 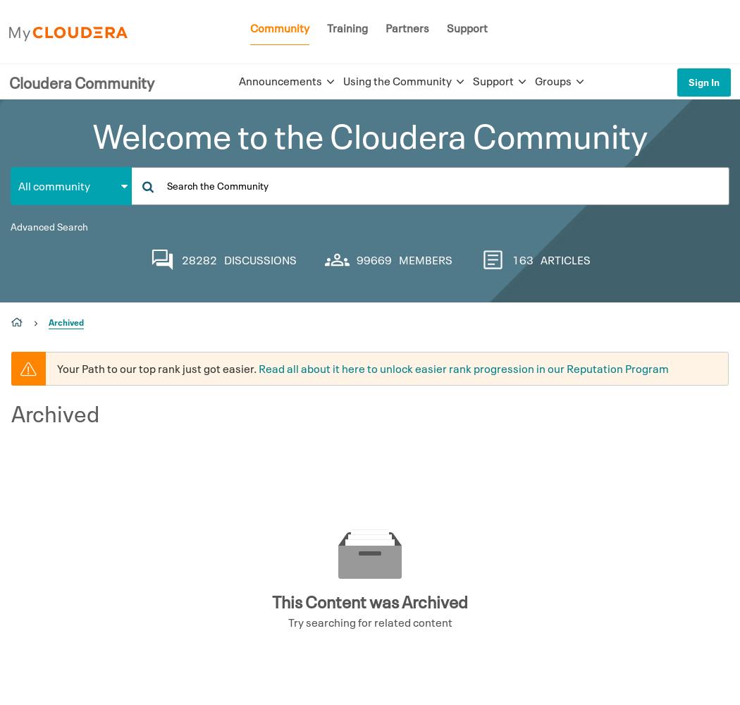 What do you see at coordinates (564, 259) in the screenshot?
I see `'ARTICLES'` at bounding box center [564, 259].